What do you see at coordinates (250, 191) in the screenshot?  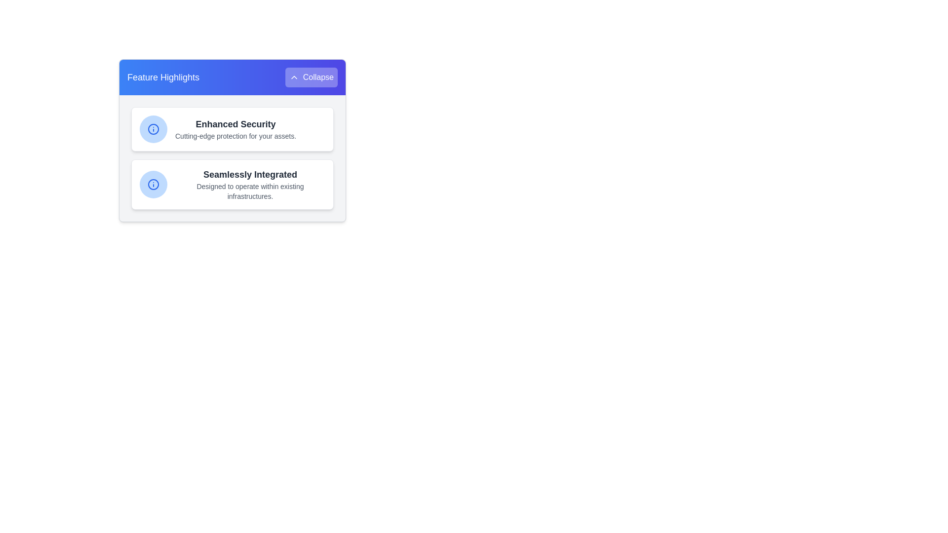 I see `the text element that provides additional information about the feature labeled 'Seamlessly Integrated', located directly below the title text within the second feature panel` at bounding box center [250, 191].